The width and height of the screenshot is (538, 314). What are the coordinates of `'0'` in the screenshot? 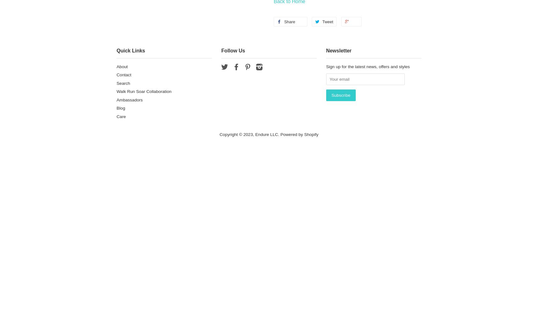 It's located at (303, 21).